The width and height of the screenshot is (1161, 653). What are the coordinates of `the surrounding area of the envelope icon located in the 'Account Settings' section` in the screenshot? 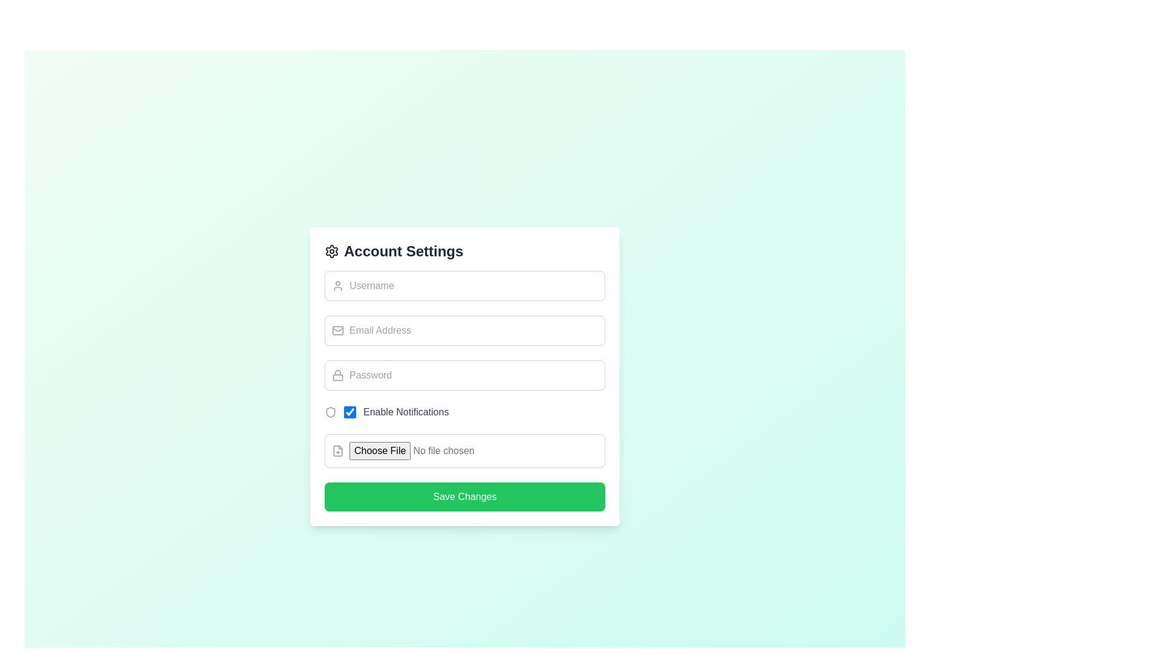 It's located at (337, 331).